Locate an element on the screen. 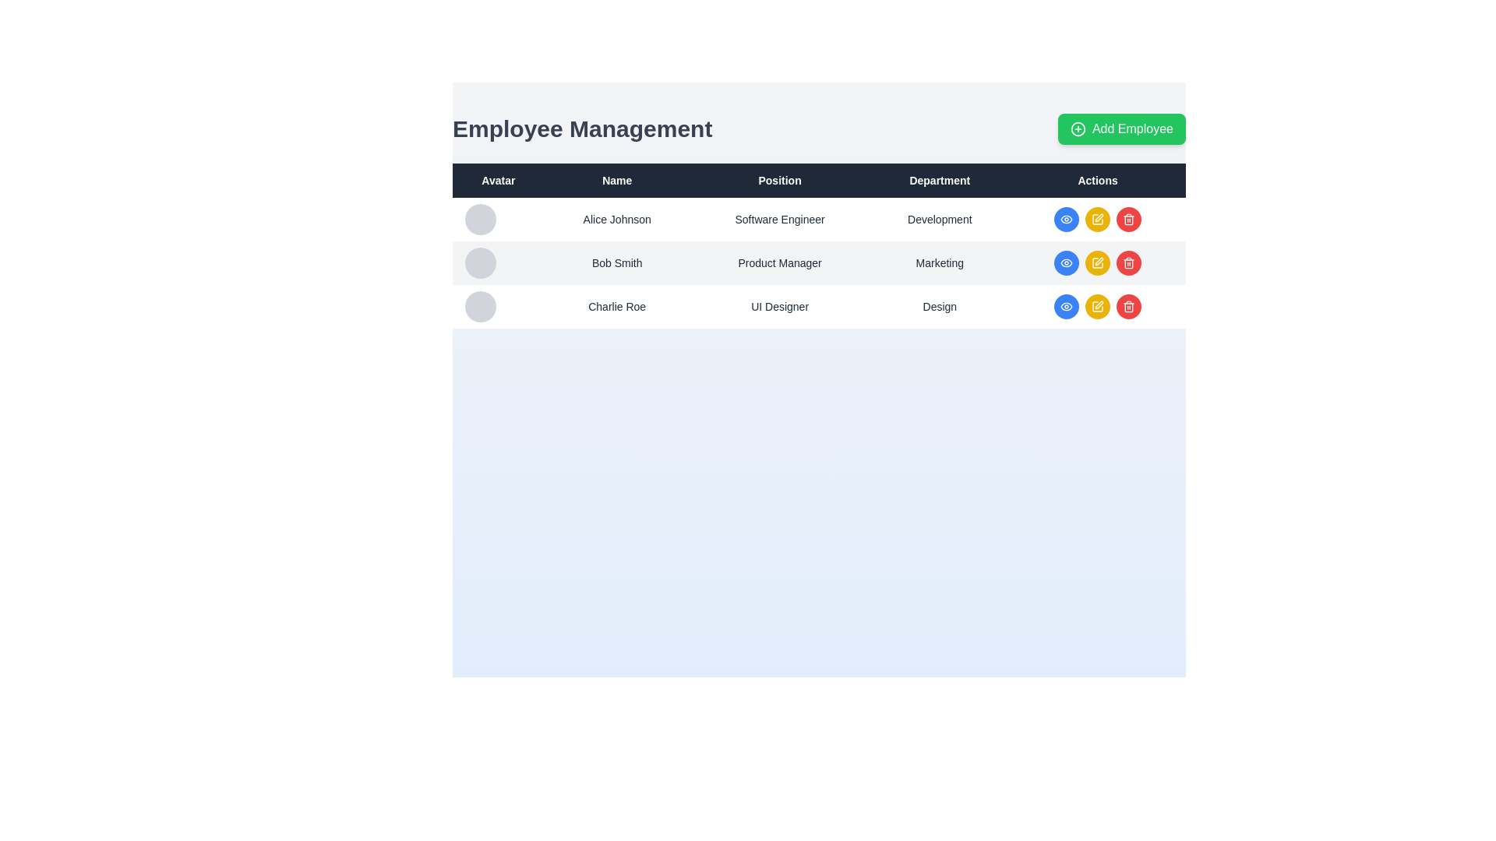 This screenshot has width=1496, height=841. the text element displaying 'Development' in the 'Department' column of the employee 'Alice Johnson' in the table is located at coordinates (939, 219).